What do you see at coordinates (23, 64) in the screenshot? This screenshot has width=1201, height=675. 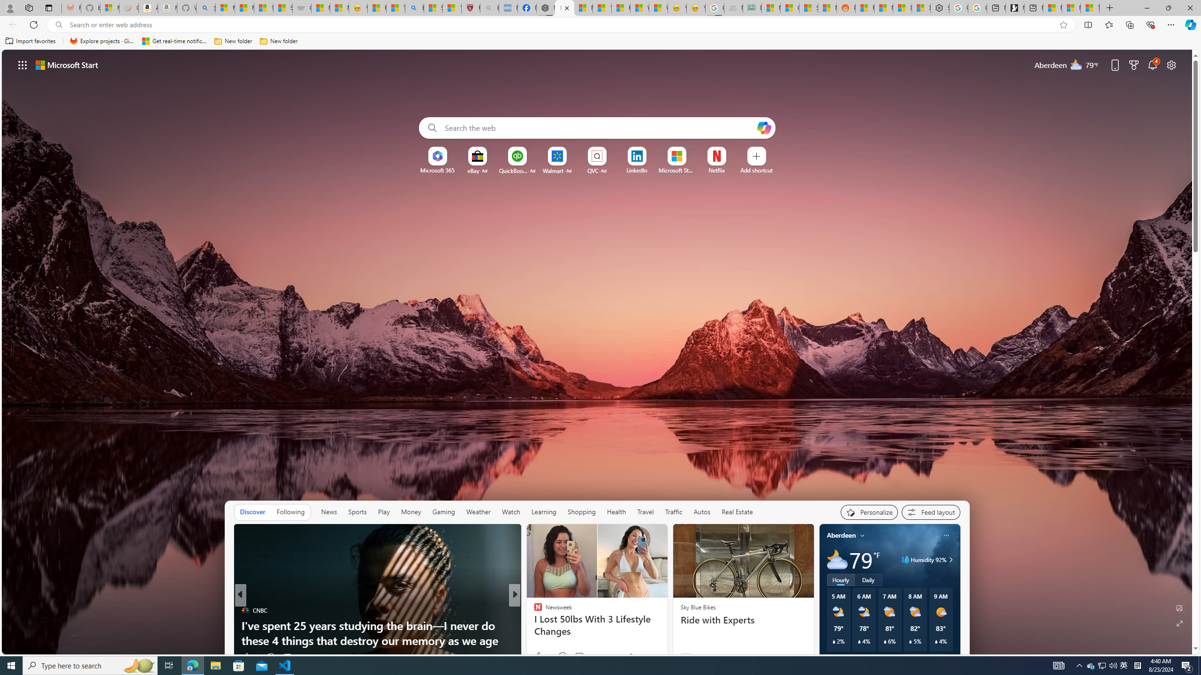 I see `'App launcher'` at bounding box center [23, 64].